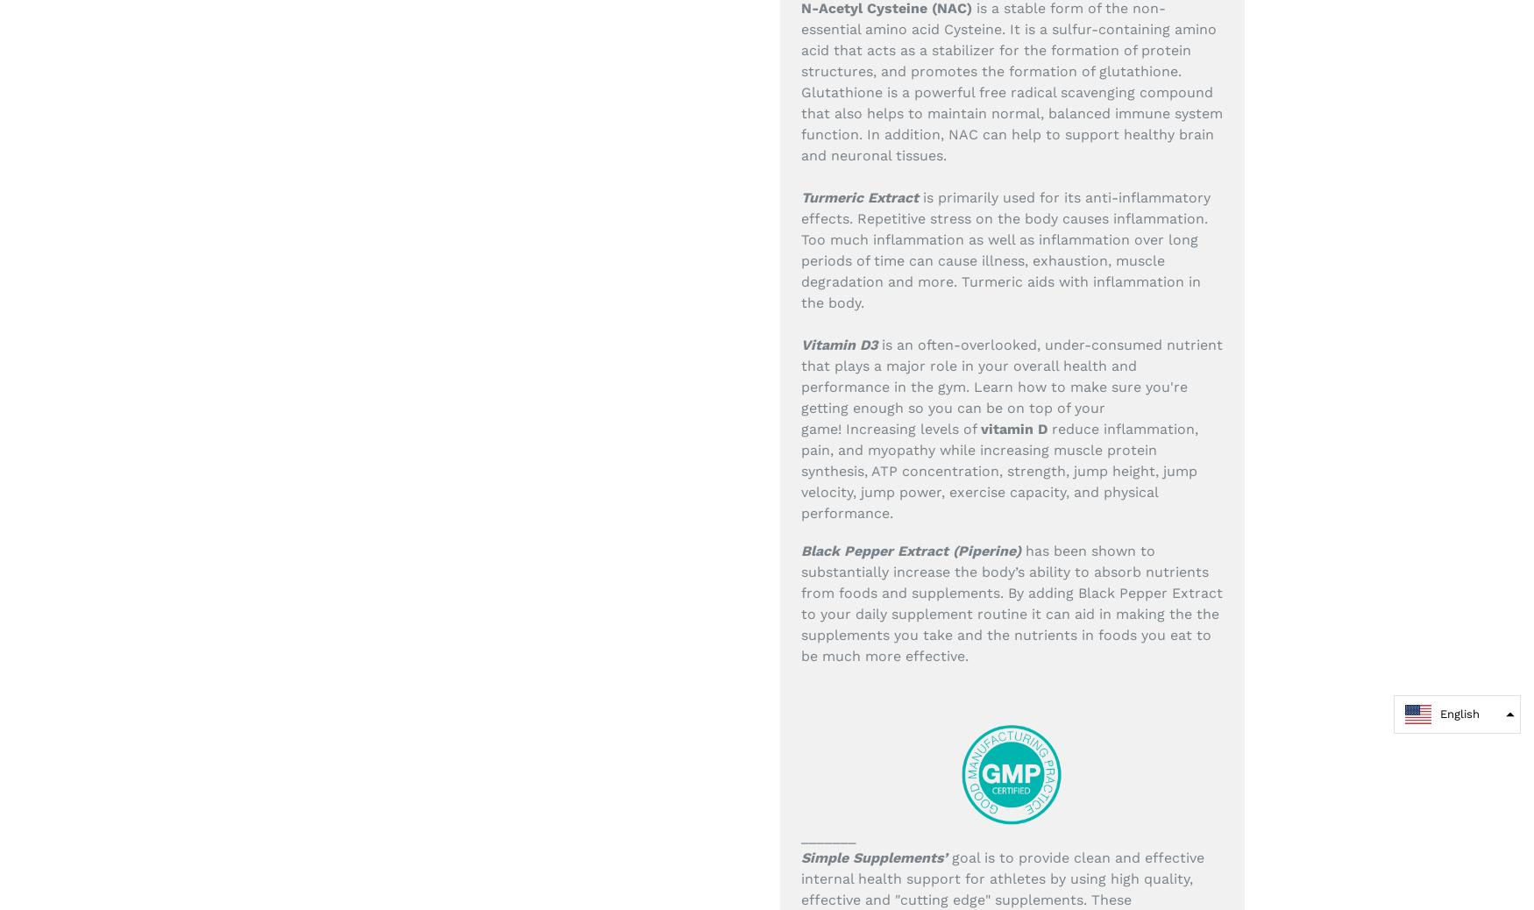  What do you see at coordinates (1005, 249) in the screenshot?
I see `'is primarily used for its anti-inflammatory effects. Repetitive stress on the body causes inflammation. Too much inflammation as well as inflammation over long periods of time can cause illness, exhaustion, muscle degradation and more. Turmeric aids with inflammation in the body.'` at bounding box center [1005, 249].